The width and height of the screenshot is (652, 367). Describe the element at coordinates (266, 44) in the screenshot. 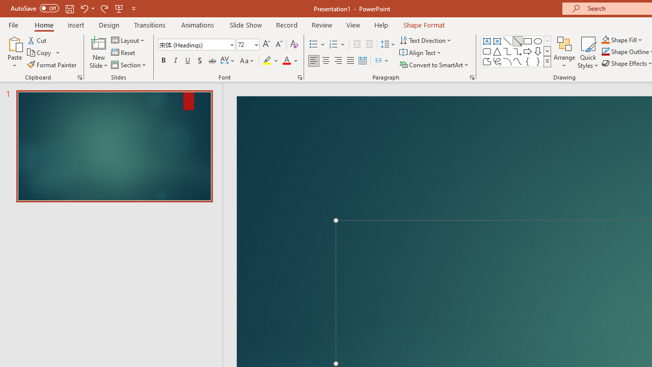

I see `'Increase Font Size'` at that location.